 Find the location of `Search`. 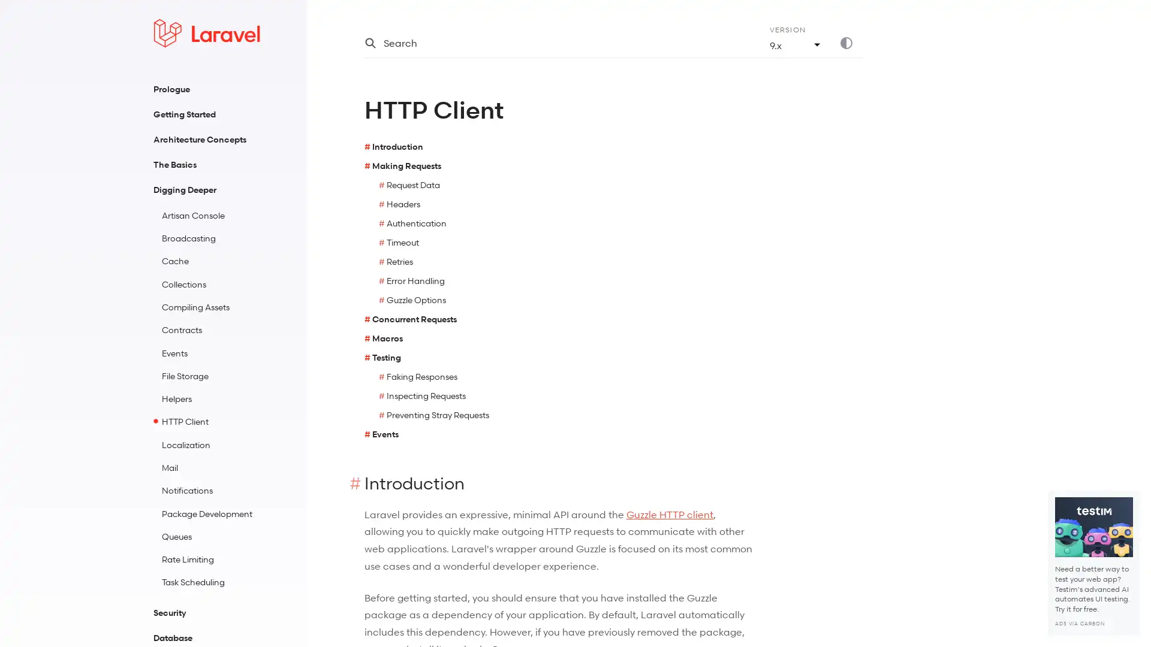

Search is located at coordinates (552, 43).